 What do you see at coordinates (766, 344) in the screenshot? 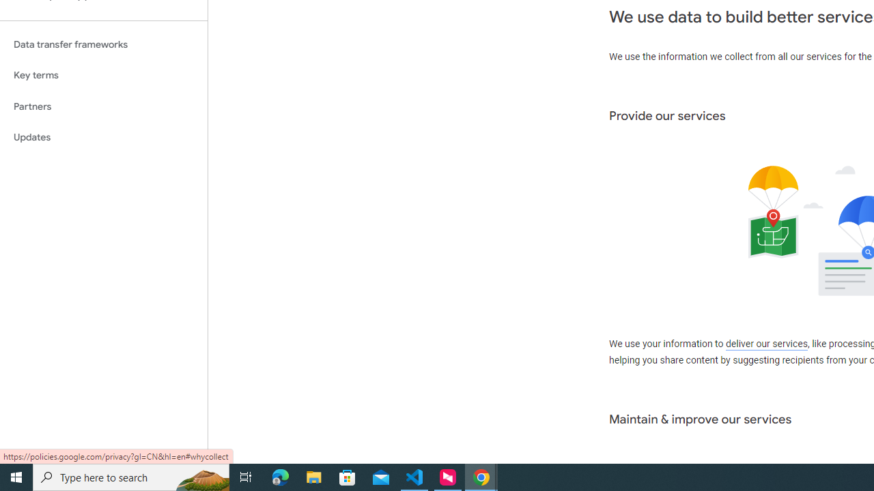
I see `'deliver our services'` at bounding box center [766, 344].